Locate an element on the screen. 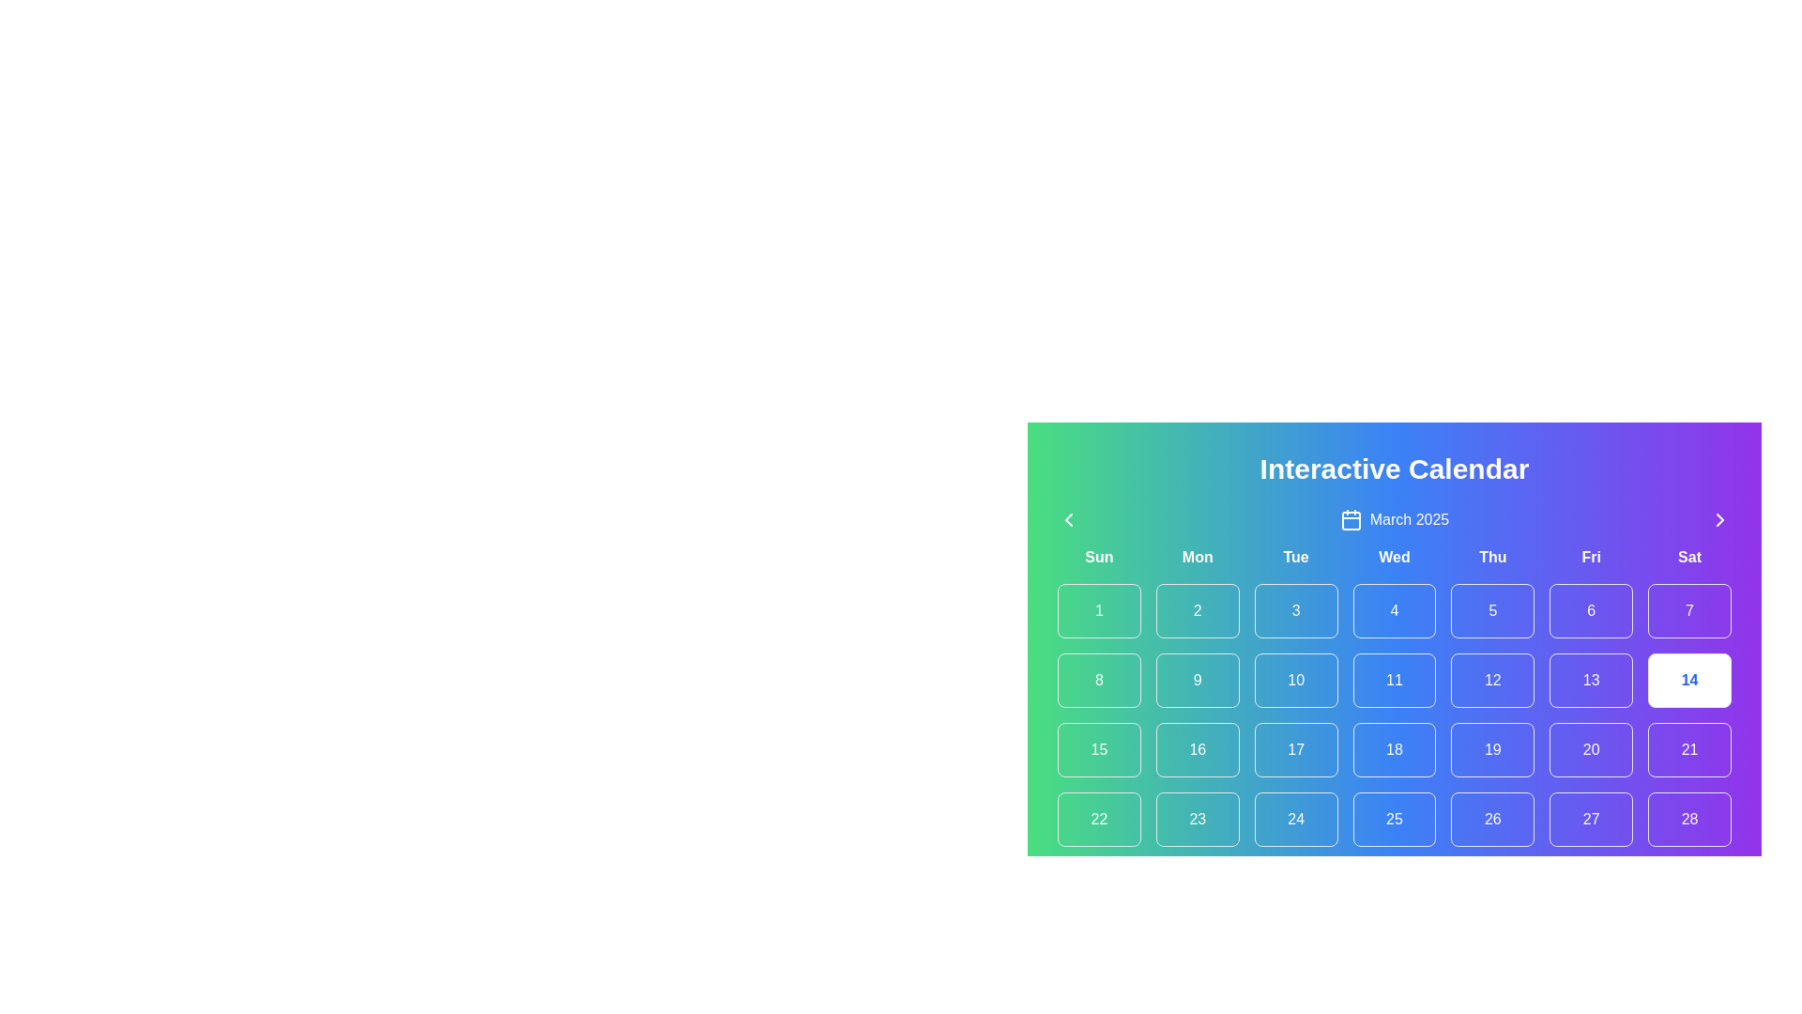  the calendar date box representing the 5th date in the interactive calendar interface, located under the 'Thu' column header is located at coordinates (1491, 611).